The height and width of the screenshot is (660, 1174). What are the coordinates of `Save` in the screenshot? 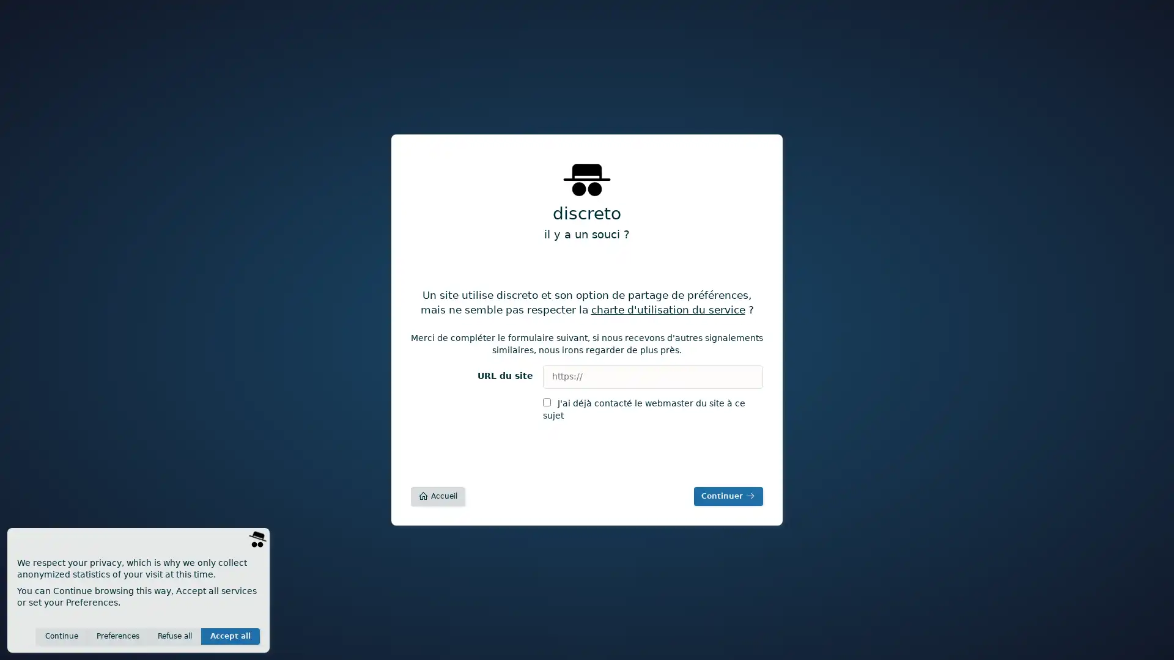 It's located at (240, 640).